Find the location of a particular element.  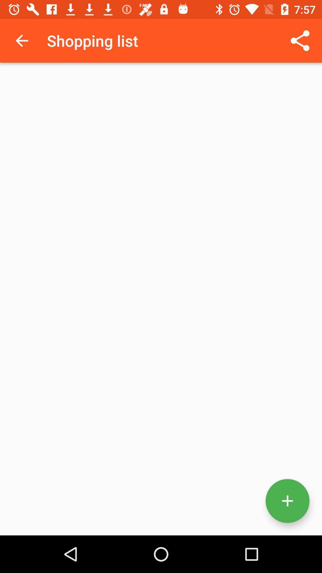

the icon next to the shopping list is located at coordinates (21, 40).